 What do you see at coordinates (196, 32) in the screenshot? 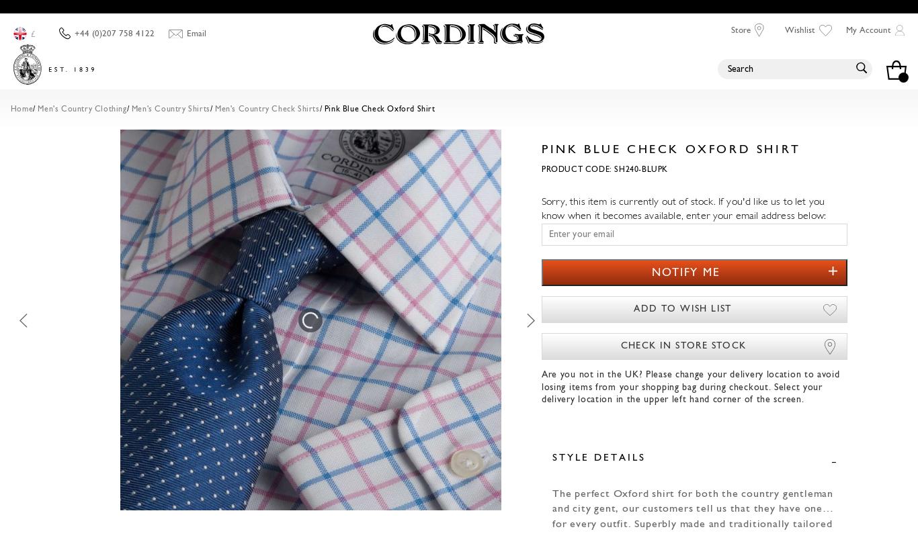
I see `'Email'` at bounding box center [196, 32].